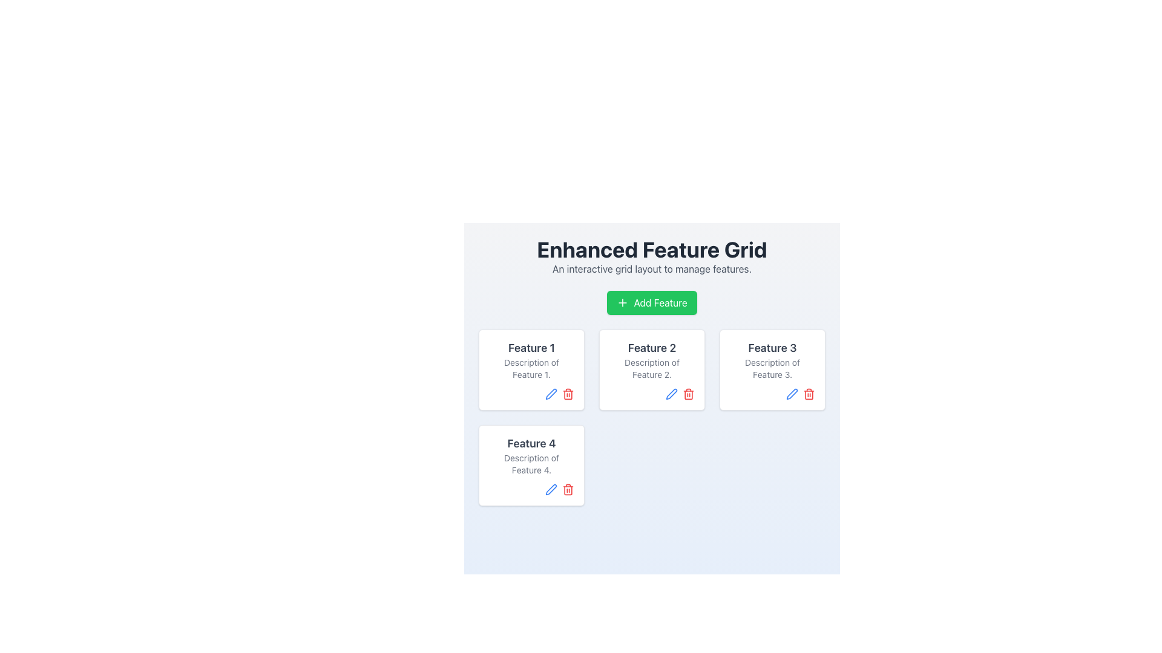  Describe the element at coordinates (651, 302) in the screenshot. I see `the green rectangular button labeled 'Add Feature' located below the 'Enhanced Feature Grid' title` at that location.